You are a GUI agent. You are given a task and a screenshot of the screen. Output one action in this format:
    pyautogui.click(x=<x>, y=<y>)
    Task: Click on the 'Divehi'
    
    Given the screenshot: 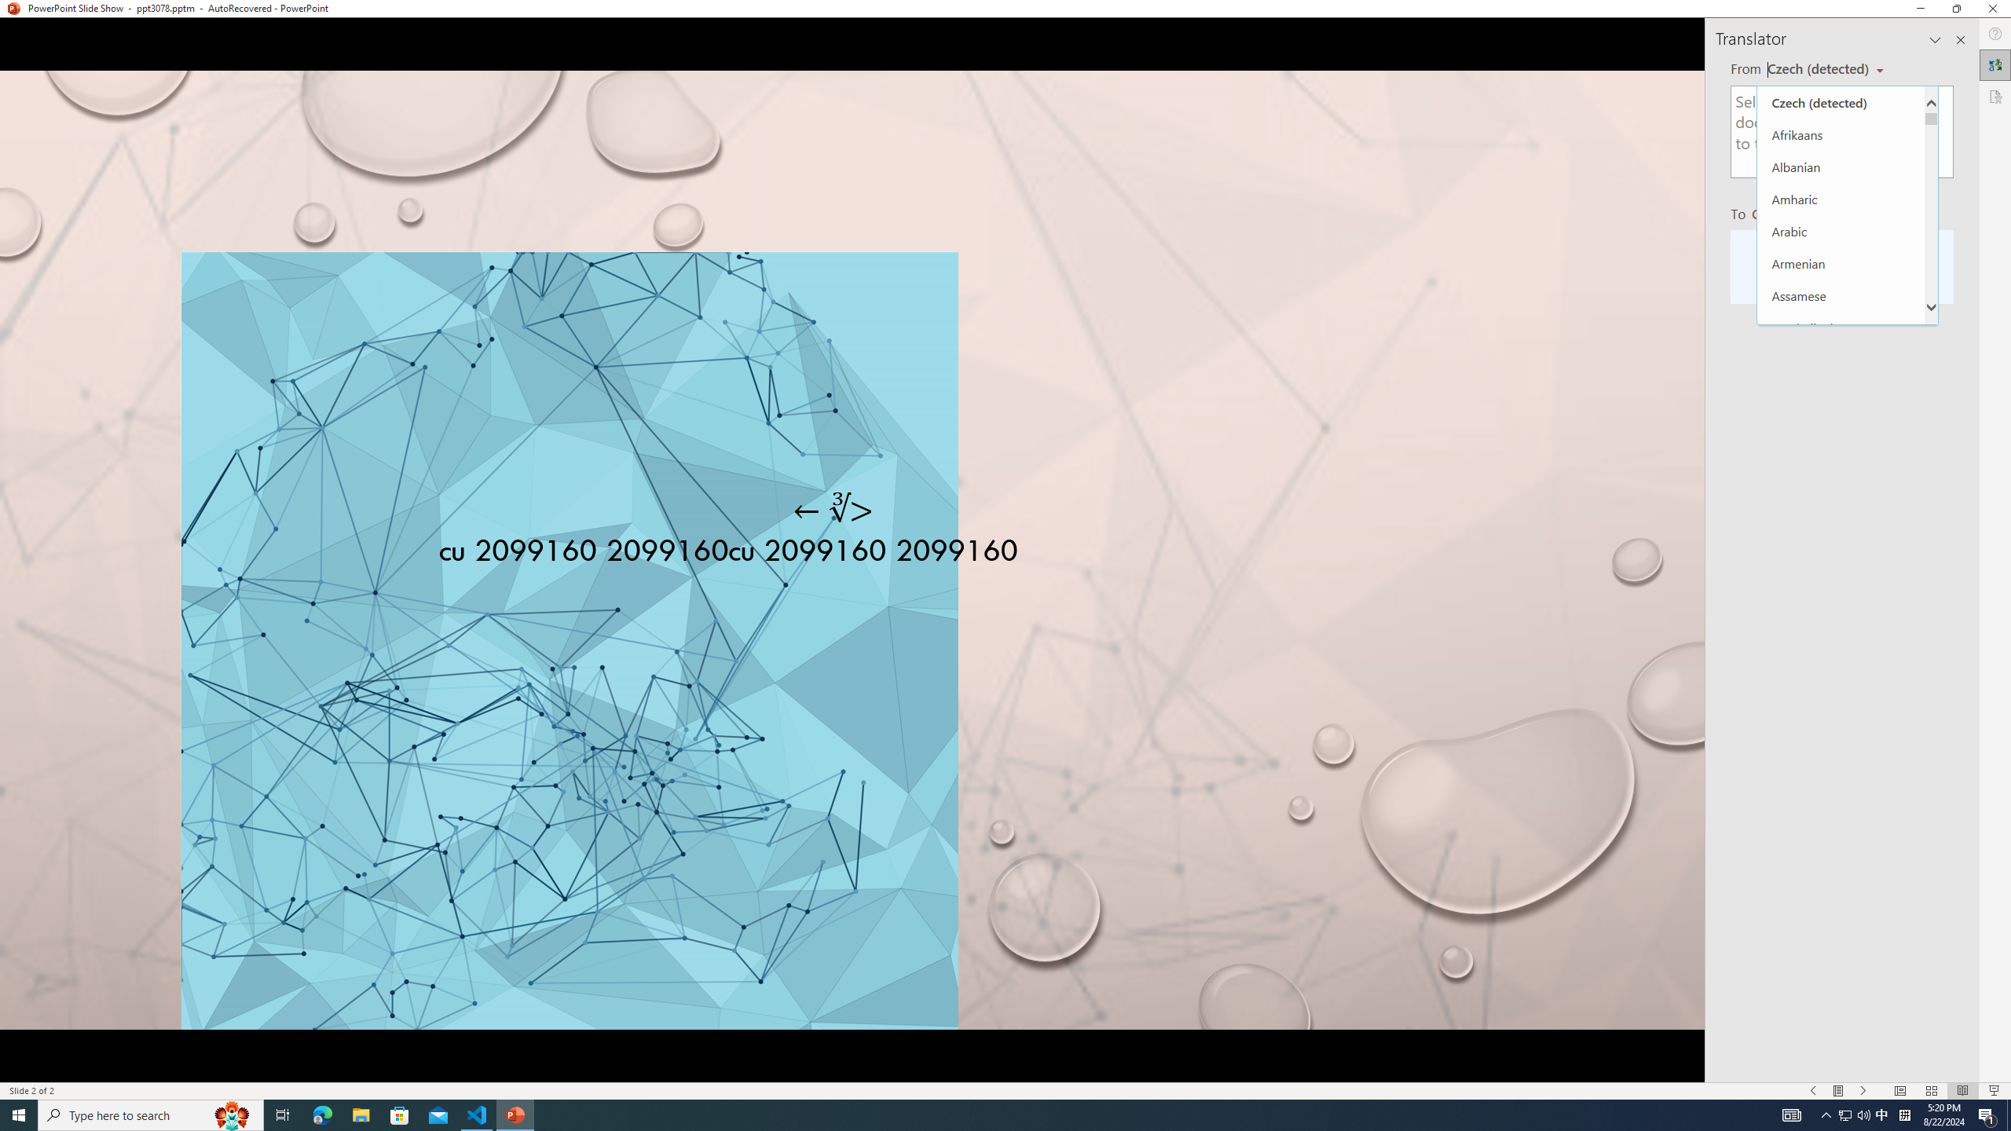 What is the action you would take?
    pyautogui.click(x=1841, y=906)
    